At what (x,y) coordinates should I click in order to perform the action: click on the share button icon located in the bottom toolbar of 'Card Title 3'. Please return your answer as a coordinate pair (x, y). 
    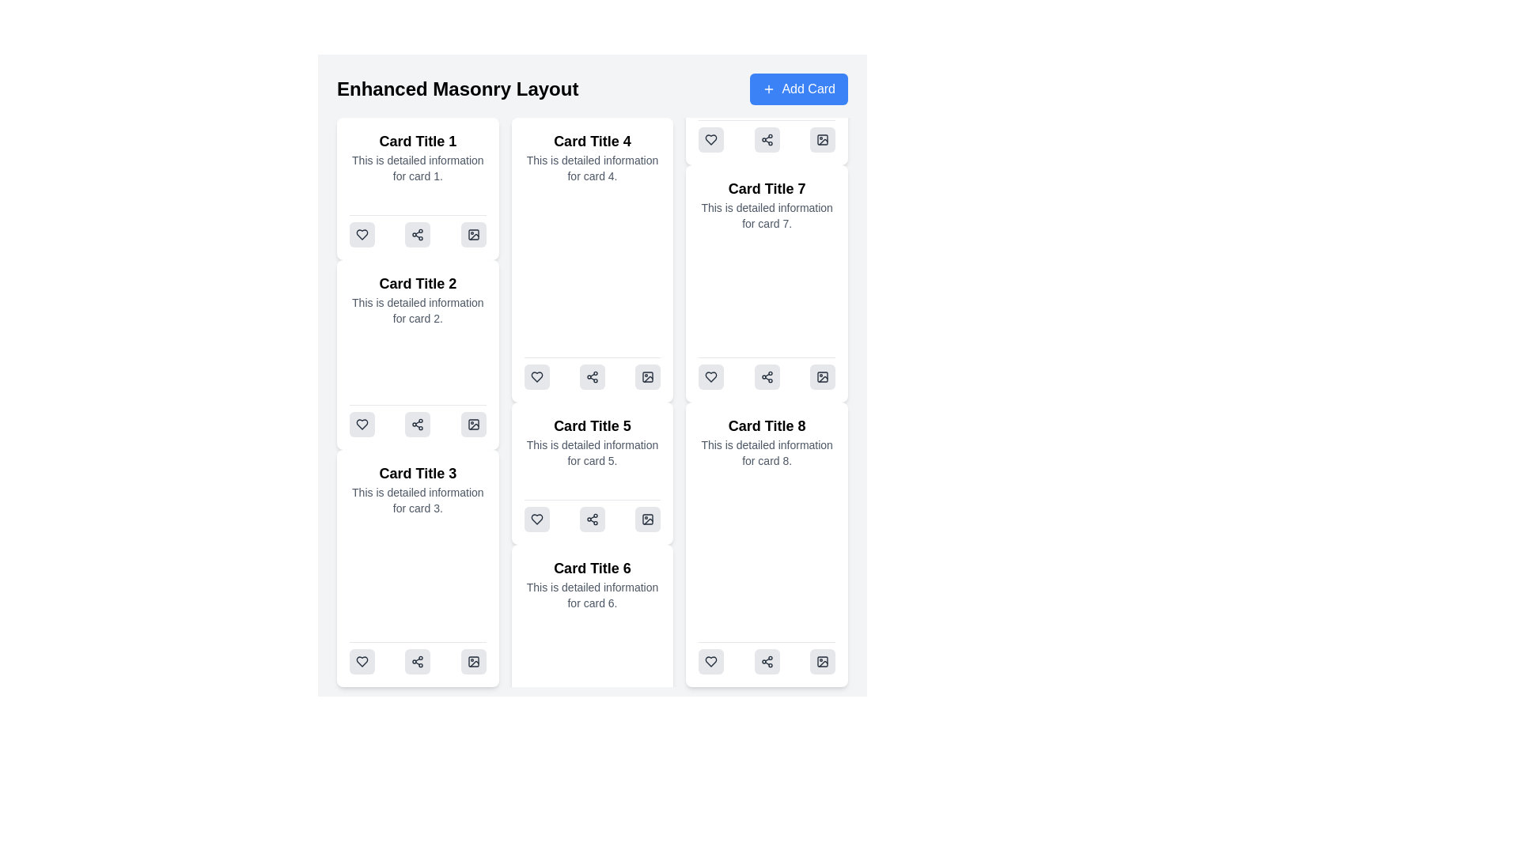
    Looking at the image, I should click on (418, 662).